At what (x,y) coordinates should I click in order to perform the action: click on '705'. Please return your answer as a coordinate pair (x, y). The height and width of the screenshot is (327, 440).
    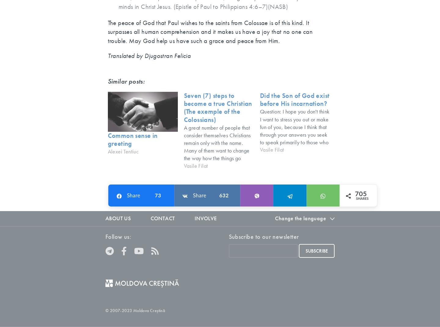
    Looking at the image, I should click on (361, 194).